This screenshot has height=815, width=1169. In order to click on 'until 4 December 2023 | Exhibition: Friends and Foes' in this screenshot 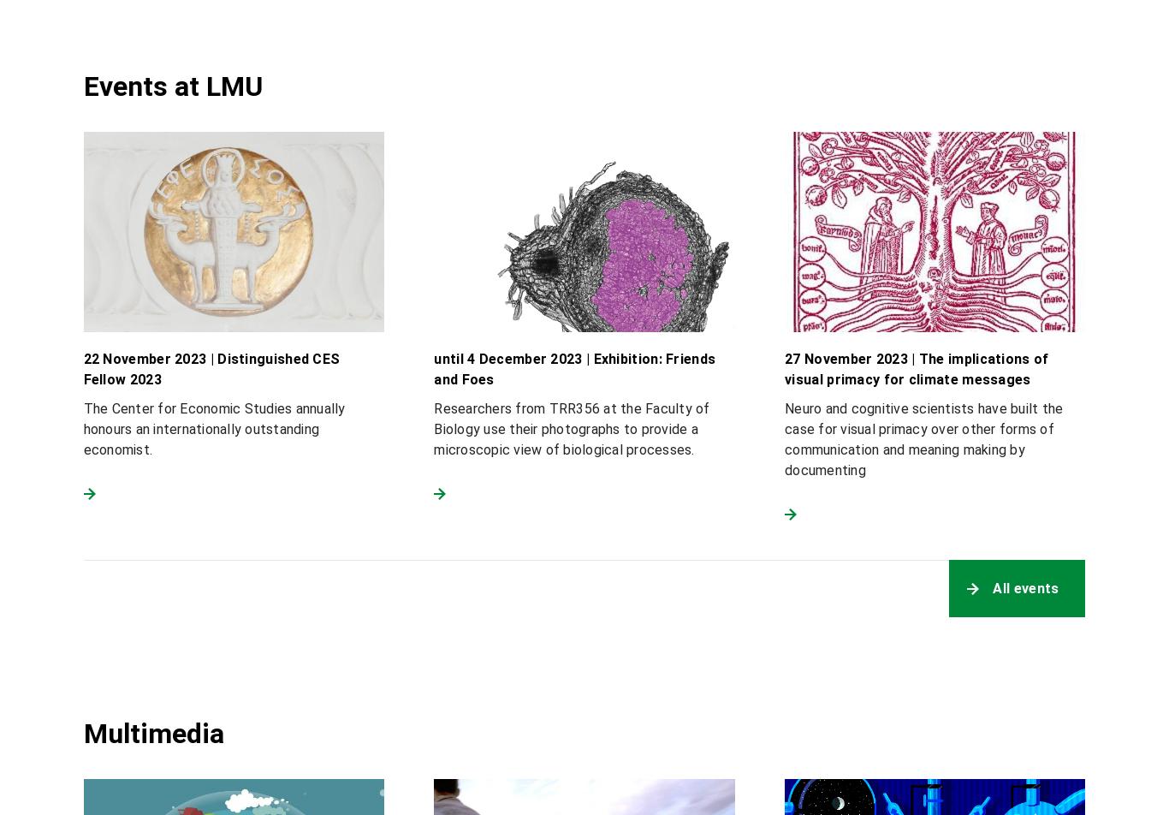, I will do `click(573, 369)`.